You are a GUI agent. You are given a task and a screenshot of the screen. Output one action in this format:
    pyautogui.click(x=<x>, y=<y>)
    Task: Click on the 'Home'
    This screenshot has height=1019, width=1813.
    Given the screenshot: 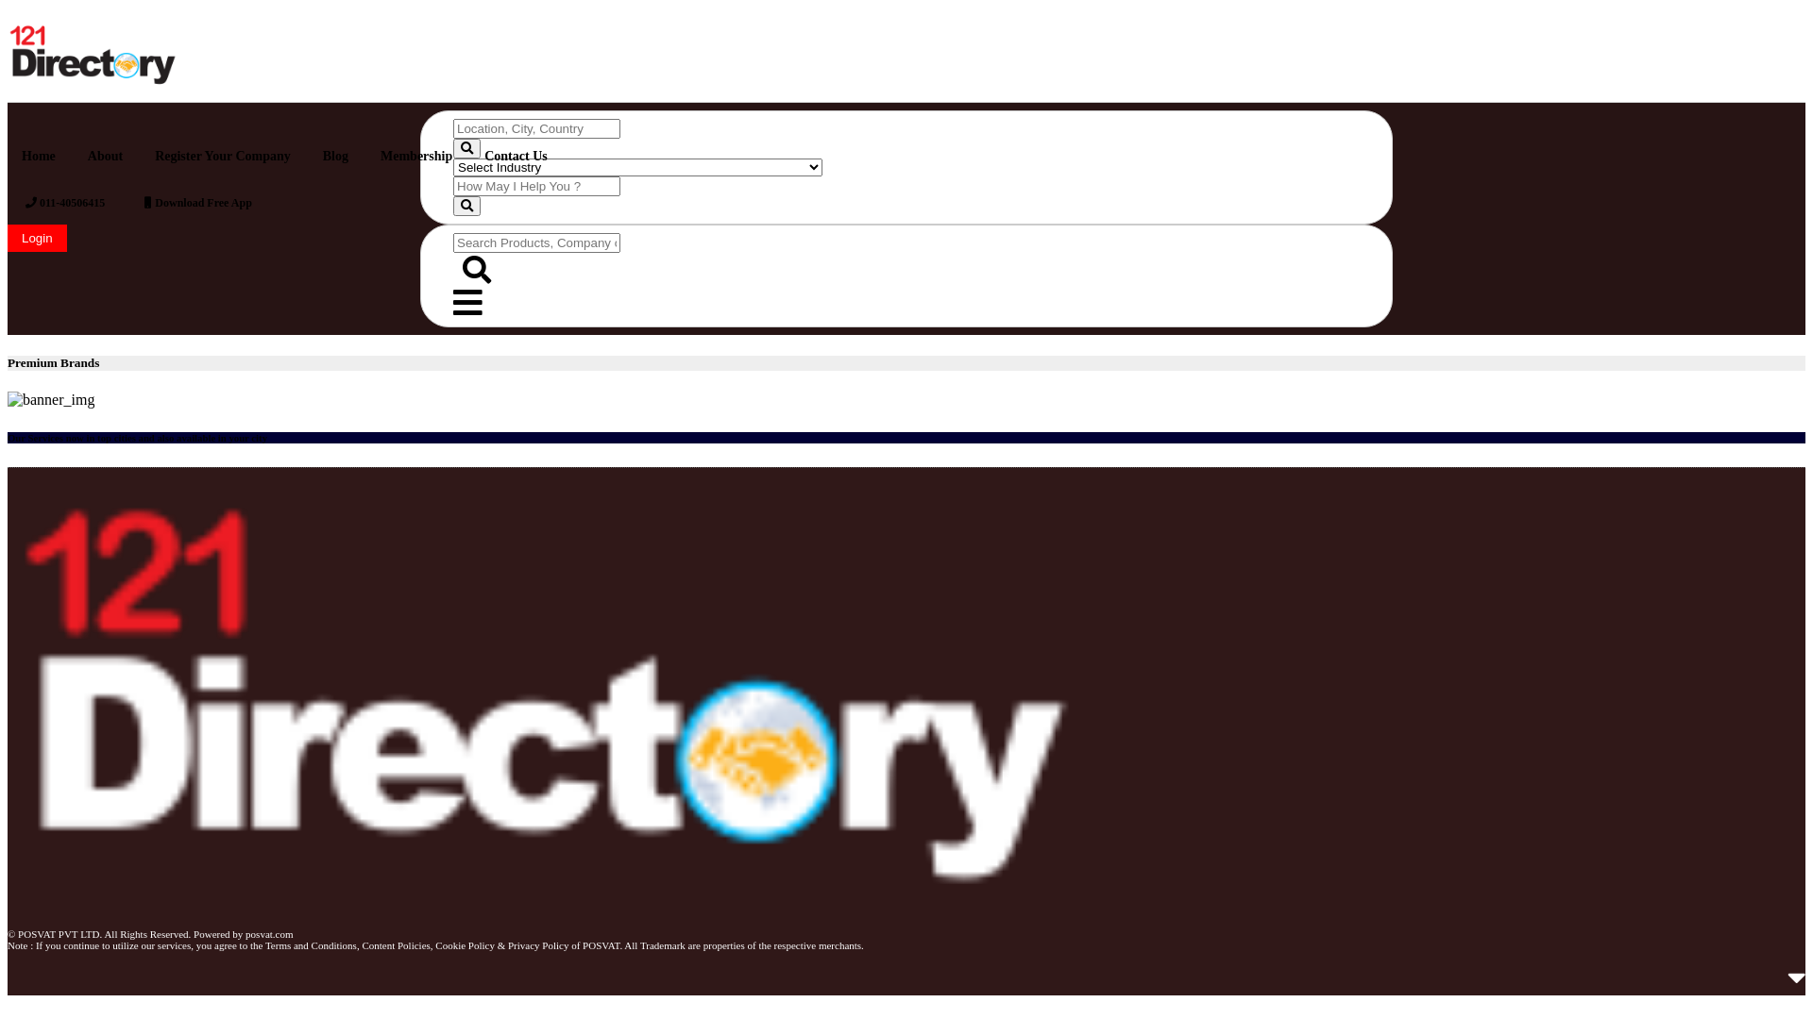 What is the action you would take?
    pyautogui.click(x=12, y=155)
    